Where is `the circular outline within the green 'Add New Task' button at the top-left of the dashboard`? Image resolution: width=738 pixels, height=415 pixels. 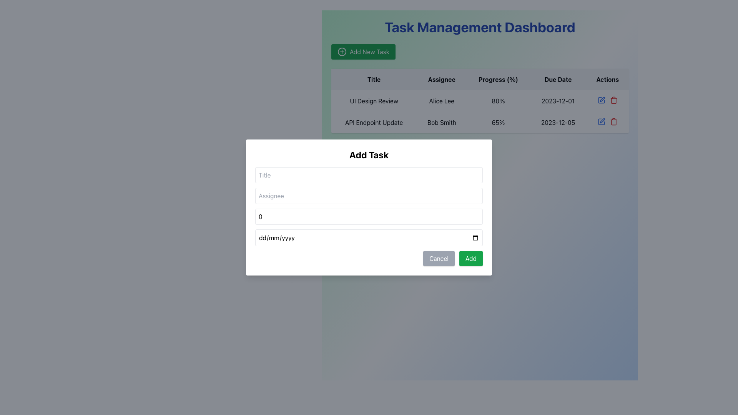 the circular outline within the green 'Add New Task' button at the top-left of the dashboard is located at coordinates (341, 52).